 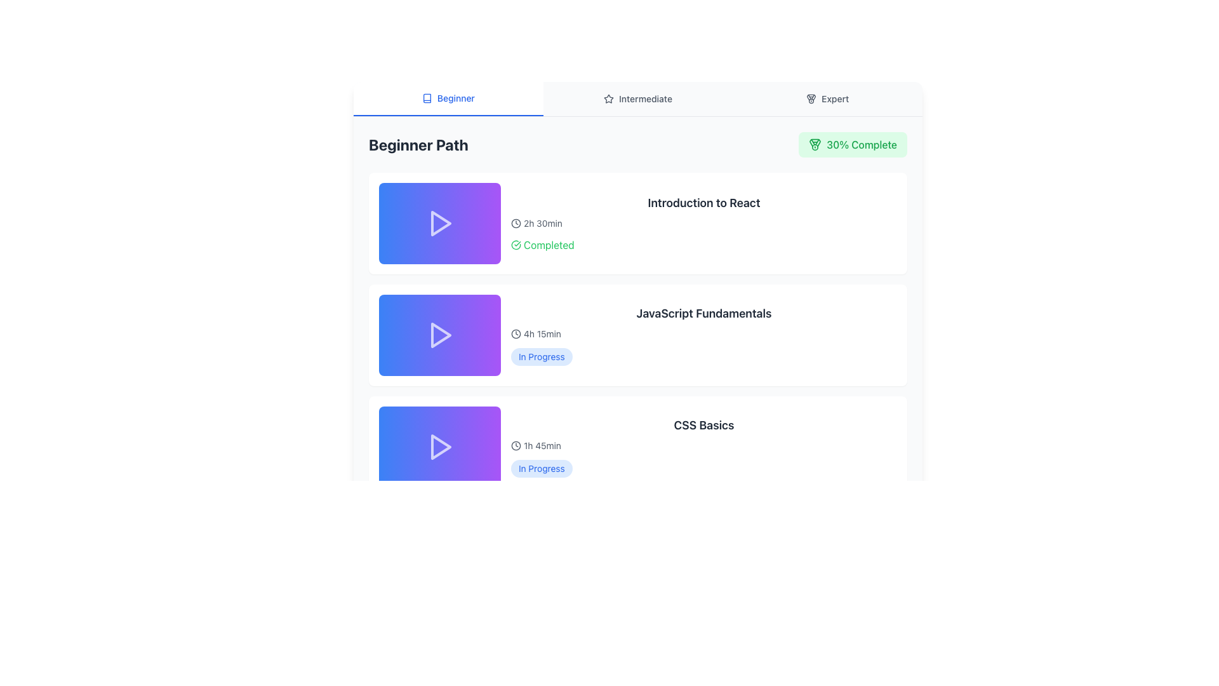 What do you see at coordinates (542, 333) in the screenshot?
I see `the text label displaying '4h 15min' located under the title 'JavaScript Fundamentals' and next to the clock icon` at bounding box center [542, 333].